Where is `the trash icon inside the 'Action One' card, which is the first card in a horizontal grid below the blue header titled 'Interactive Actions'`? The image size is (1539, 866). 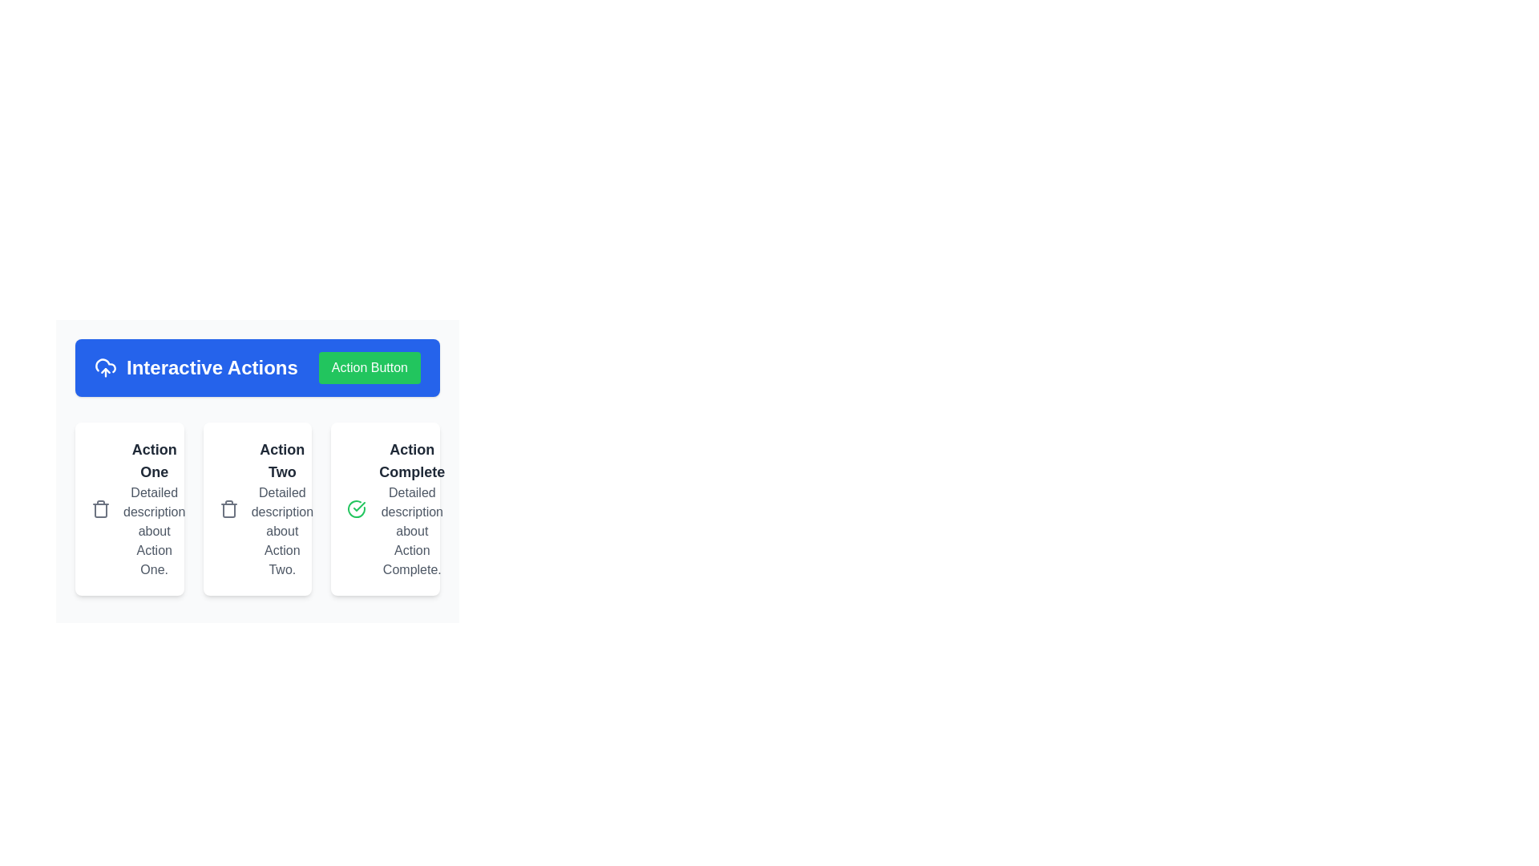 the trash icon inside the 'Action One' card, which is the first card in a horizontal grid below the blue header titled 'Interactive Actions' is located at coordinates (129, 509).